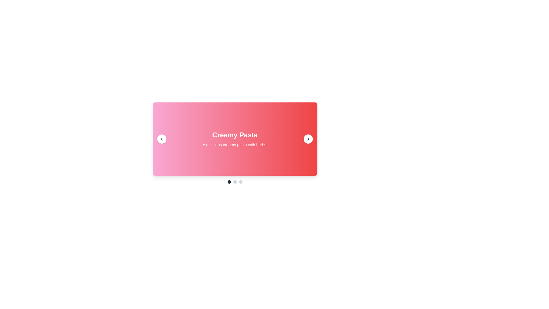 The height and width of the screenshot is (309, 549). I want to click on the navigation icon embedded within the button, located near the left edge of the card containing 'Creamy Pasta', so click(162, 139).